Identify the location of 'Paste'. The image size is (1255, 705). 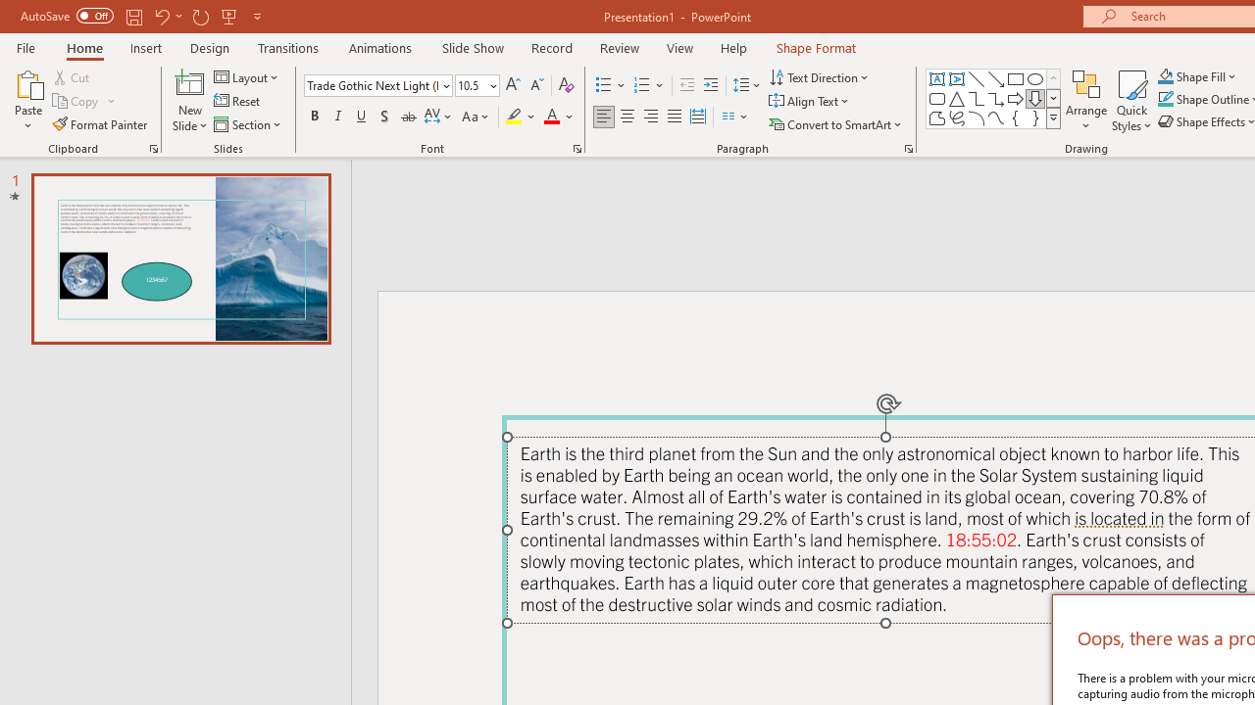
(27, 101).